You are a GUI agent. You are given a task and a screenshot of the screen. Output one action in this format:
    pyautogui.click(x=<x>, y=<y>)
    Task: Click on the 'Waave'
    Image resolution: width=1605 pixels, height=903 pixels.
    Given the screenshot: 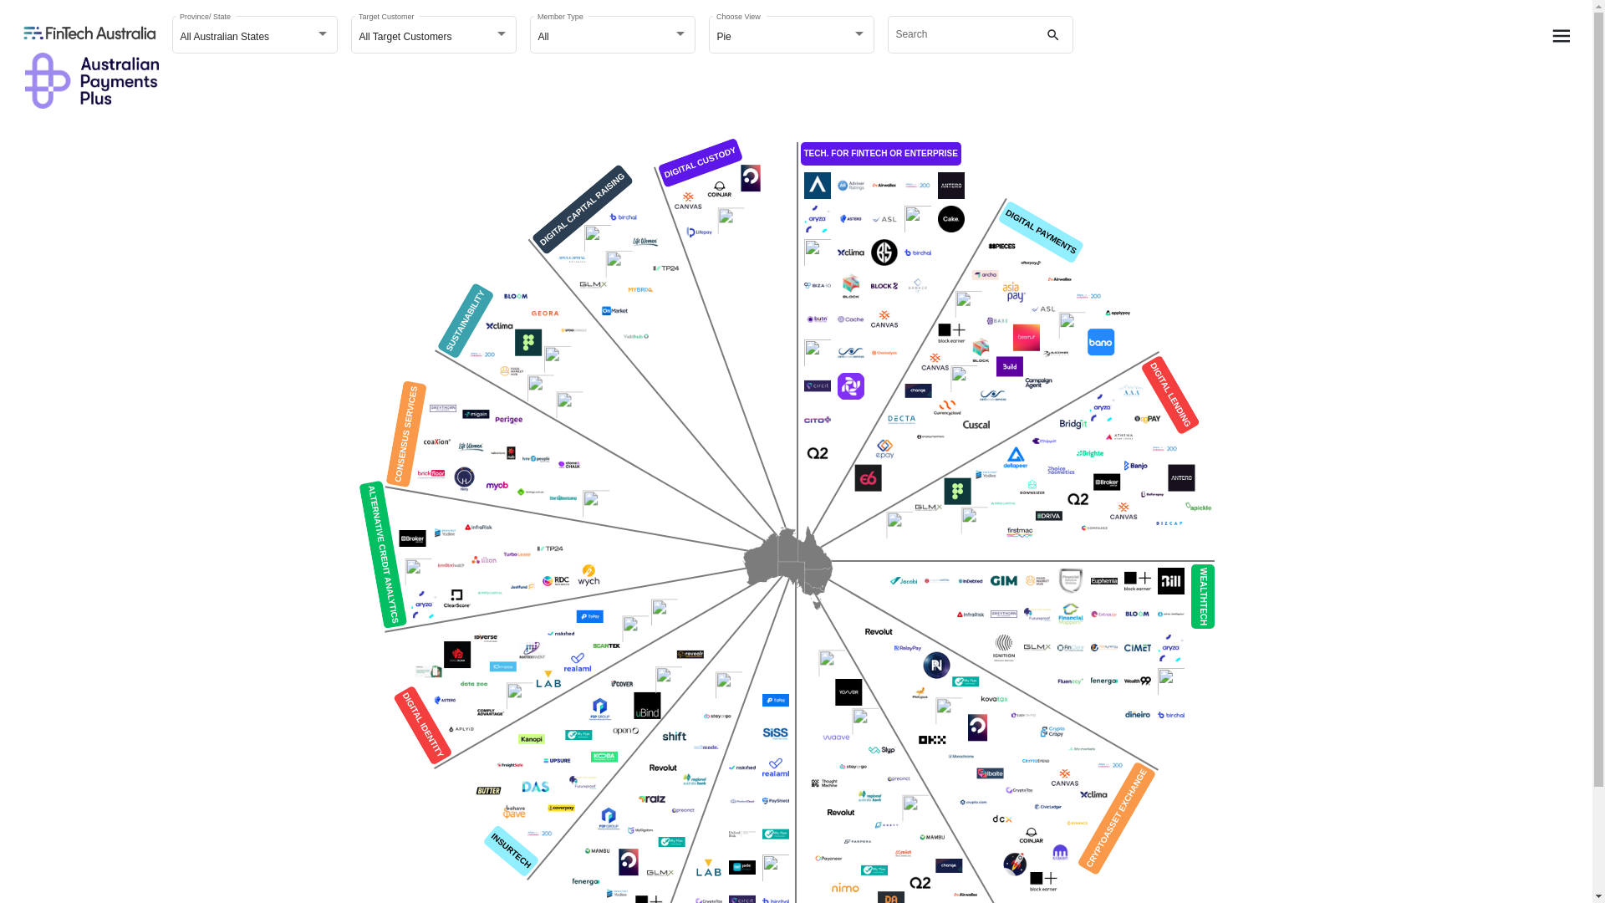 What is the action you would take?
    pyautogui.click(x=835, y=737)
    